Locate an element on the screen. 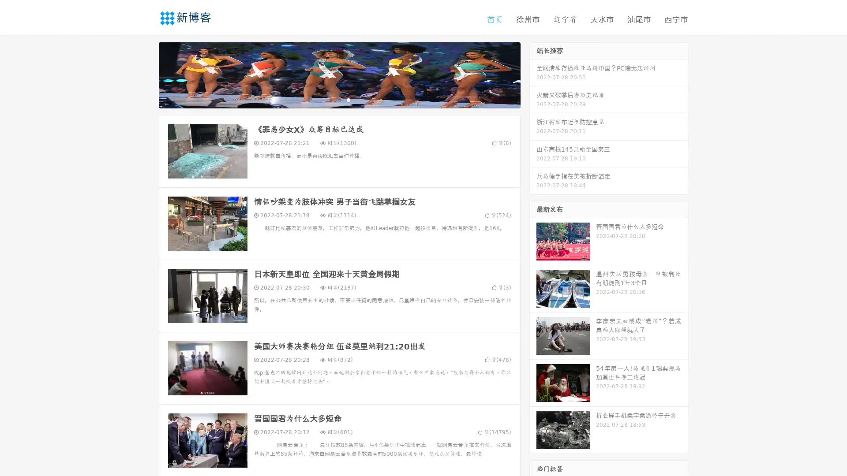  Go to slide 2 is located at coordinates (339, 99).